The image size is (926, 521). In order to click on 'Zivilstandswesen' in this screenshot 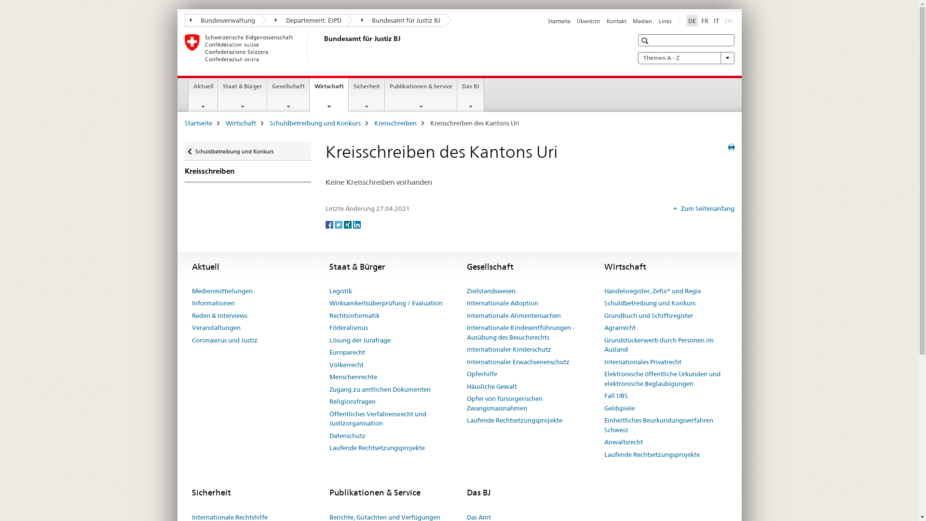, I will do `click(491, 291)`.